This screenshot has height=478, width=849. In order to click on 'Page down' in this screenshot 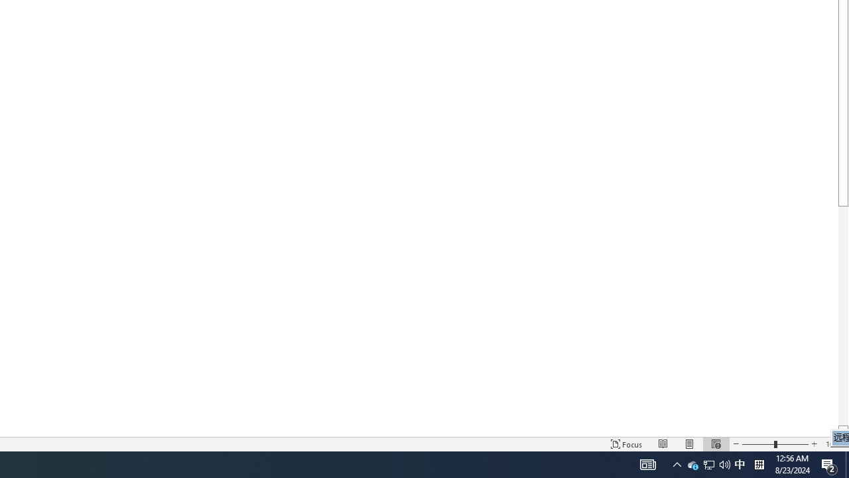, I will do `click(842, 315)`.